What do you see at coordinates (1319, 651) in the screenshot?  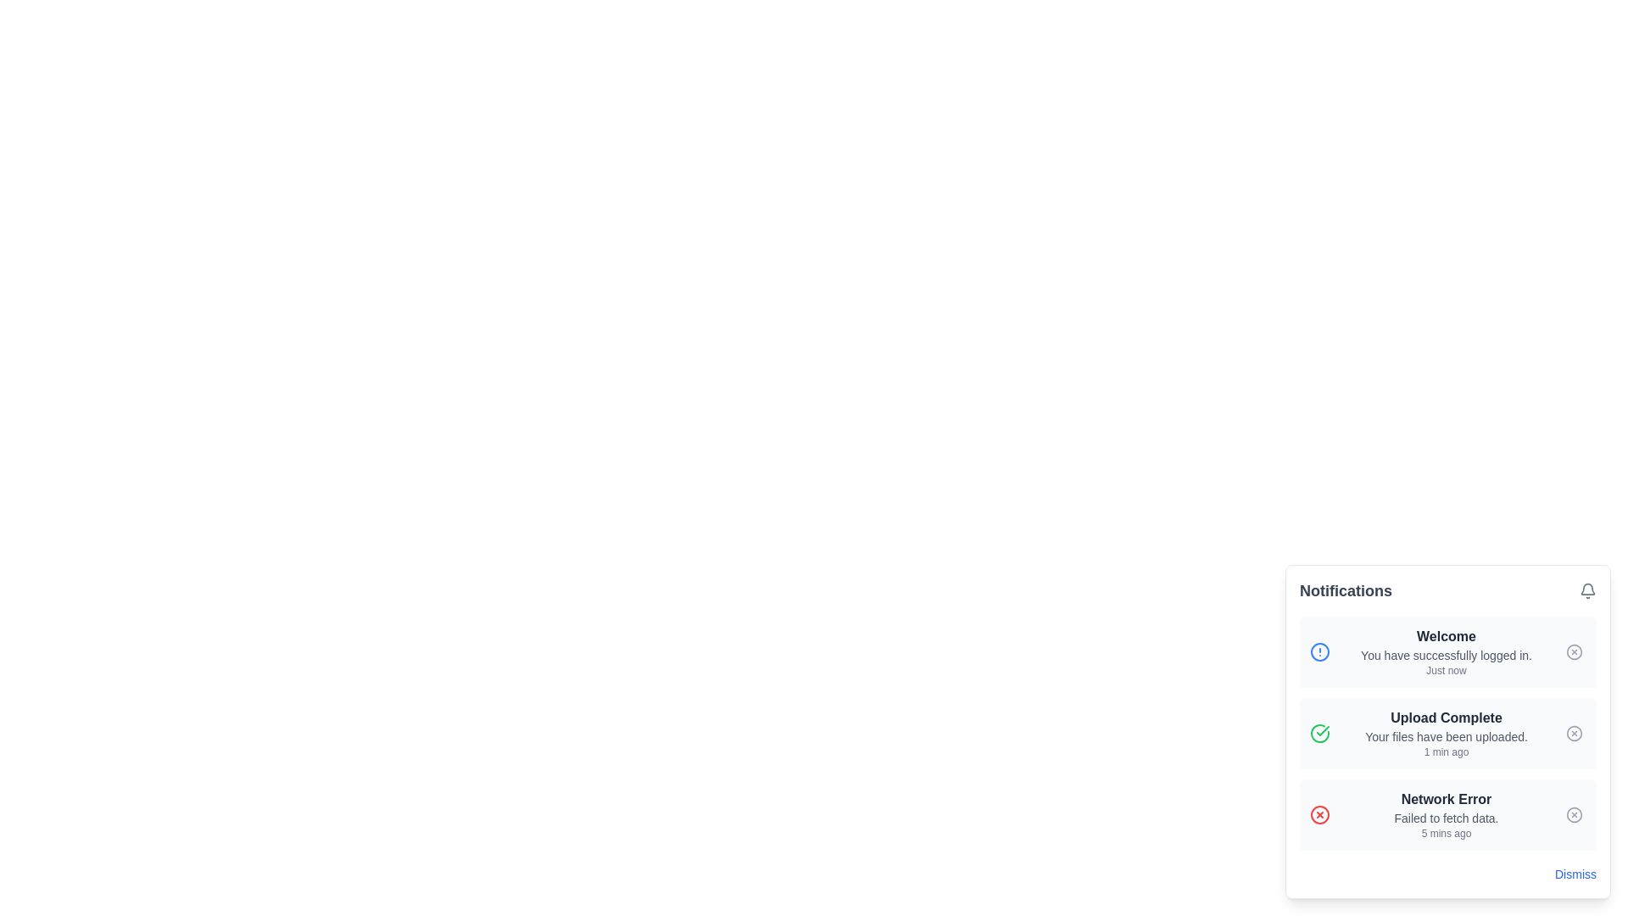 I see `the circular icon with a blue outline containing a warning symbol located in the notification panel, to the left of the text 'Welcome'` at bounding box center [1319, 651].